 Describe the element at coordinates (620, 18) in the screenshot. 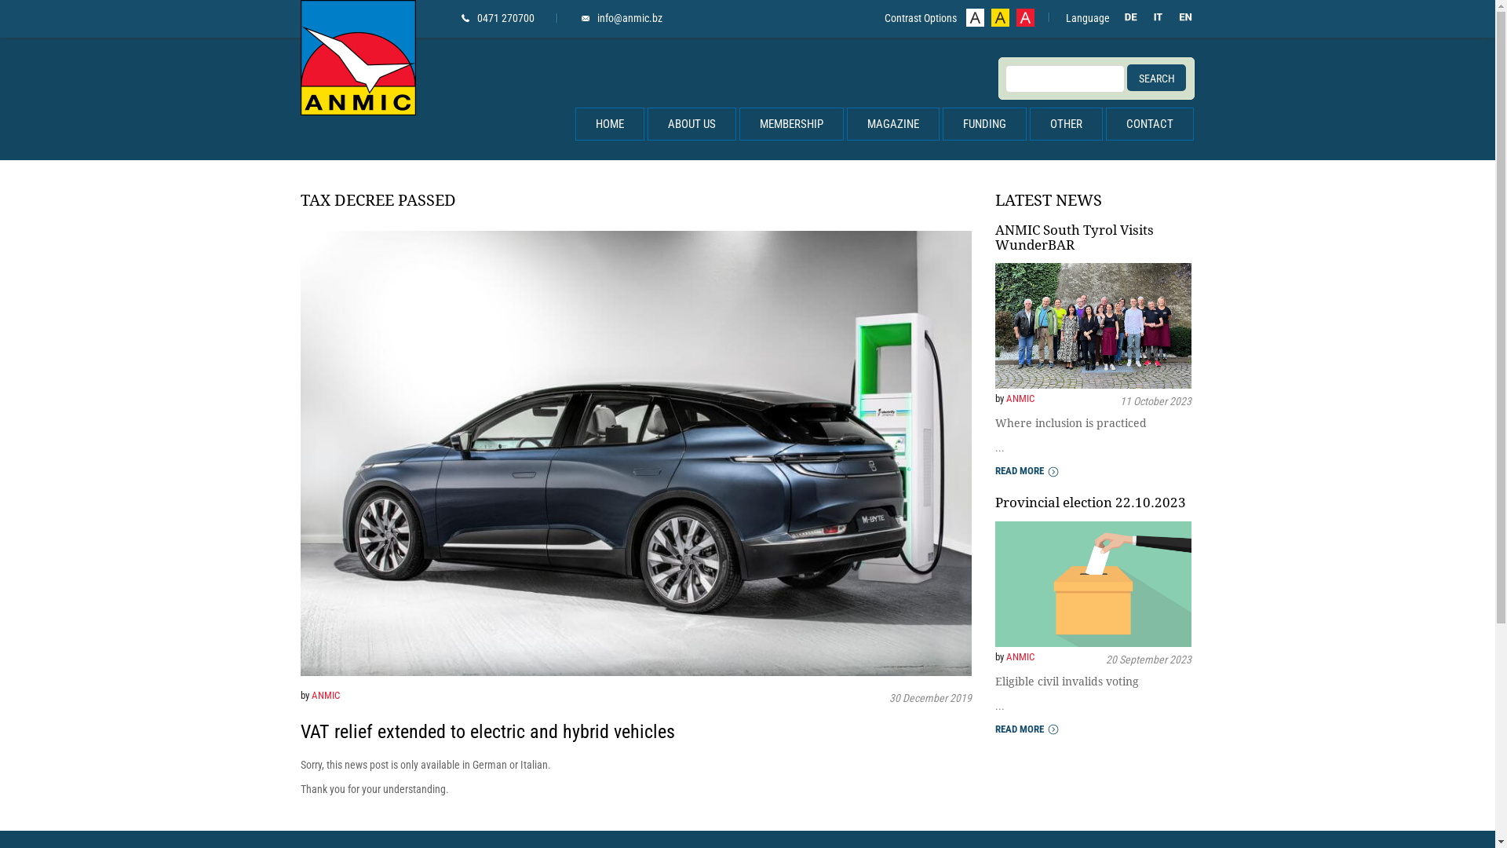

I see `'info@anmic.bz'` at that location.